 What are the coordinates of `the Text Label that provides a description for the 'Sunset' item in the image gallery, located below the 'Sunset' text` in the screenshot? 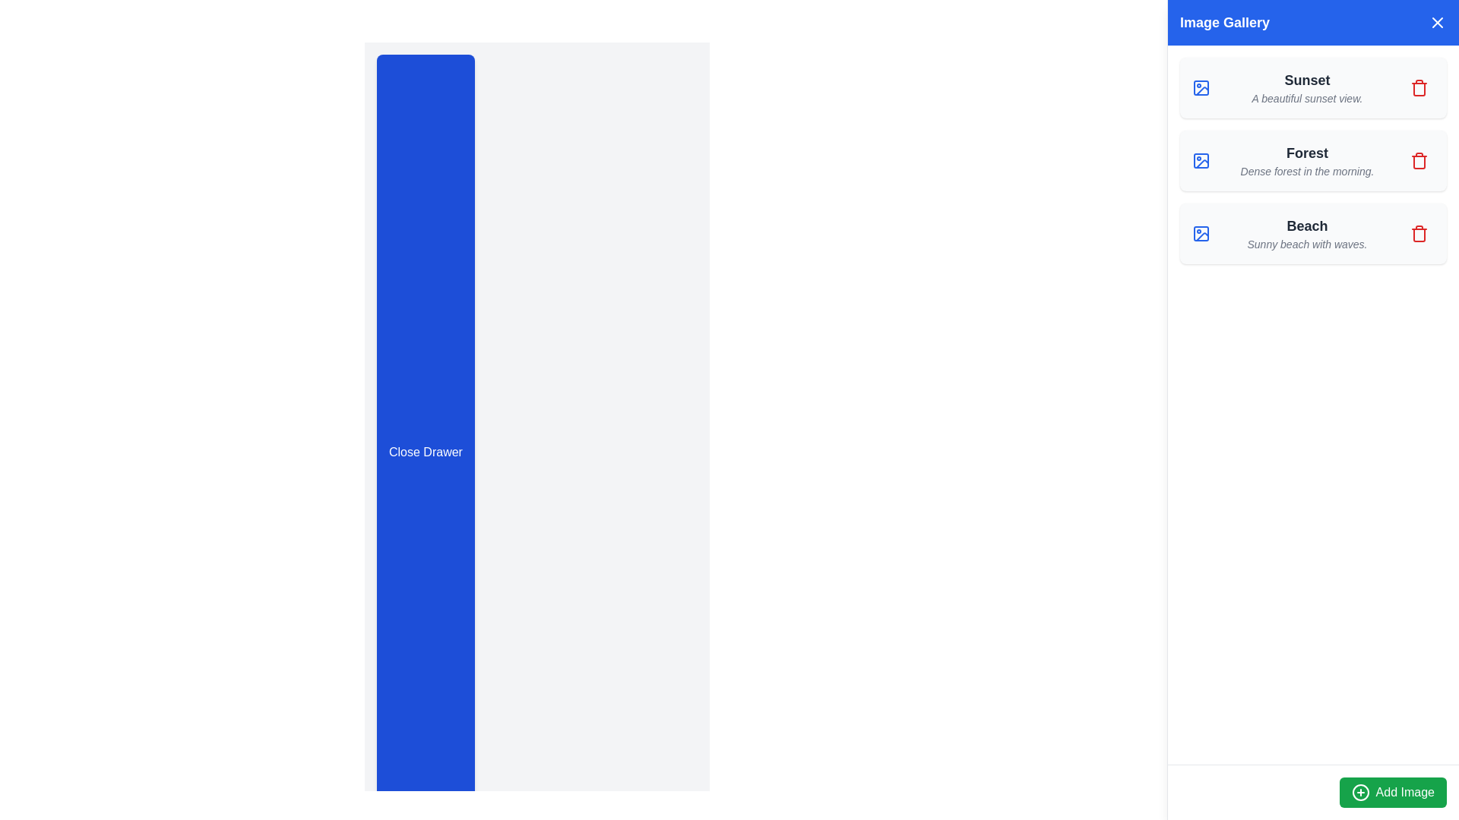 It's located at (1306, 99).